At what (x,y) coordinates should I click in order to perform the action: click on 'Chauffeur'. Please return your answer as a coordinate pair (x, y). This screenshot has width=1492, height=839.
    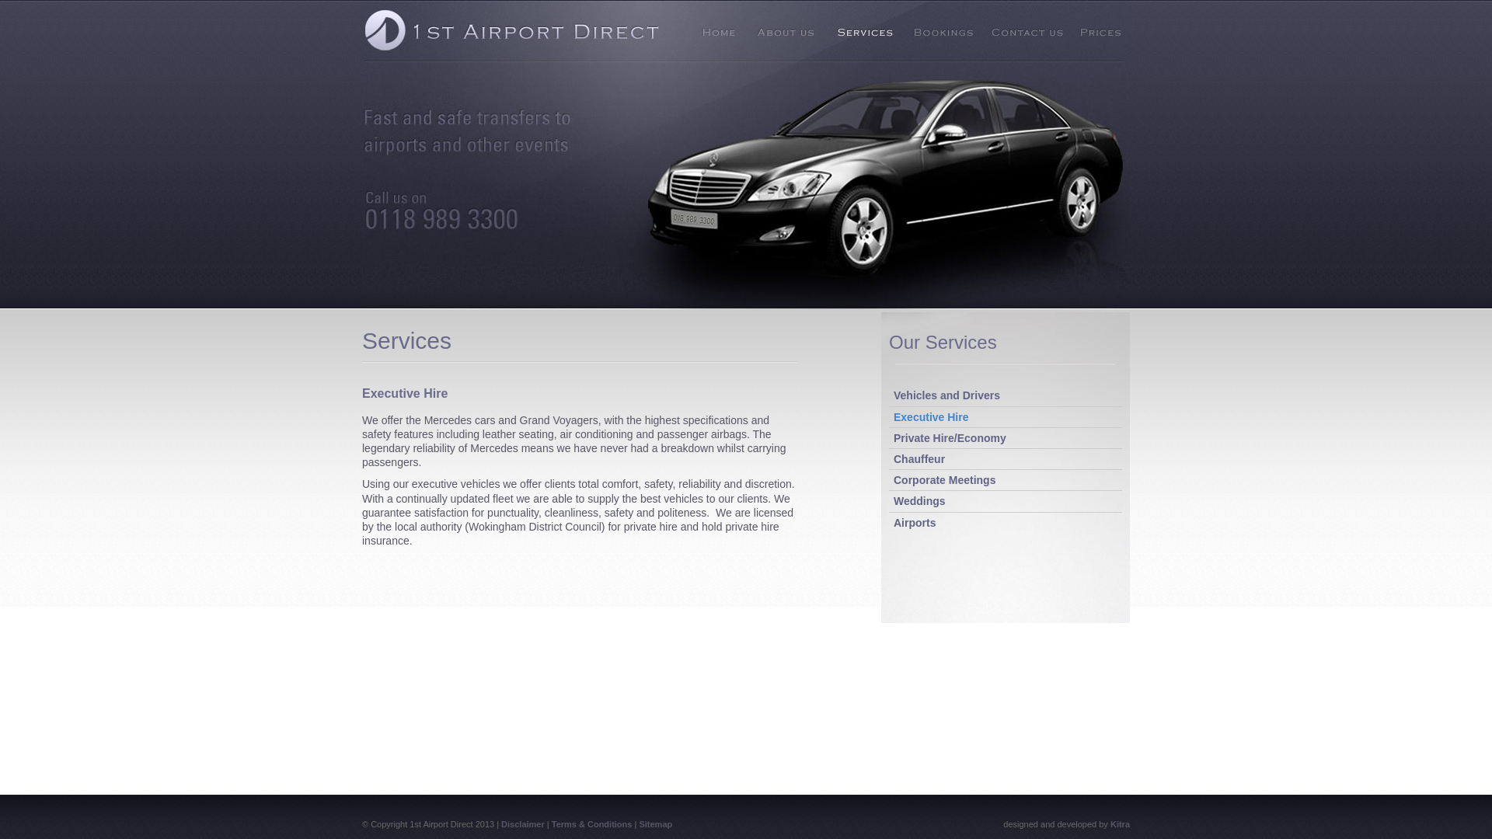
    Looking at the image, I should click on (919, 458).